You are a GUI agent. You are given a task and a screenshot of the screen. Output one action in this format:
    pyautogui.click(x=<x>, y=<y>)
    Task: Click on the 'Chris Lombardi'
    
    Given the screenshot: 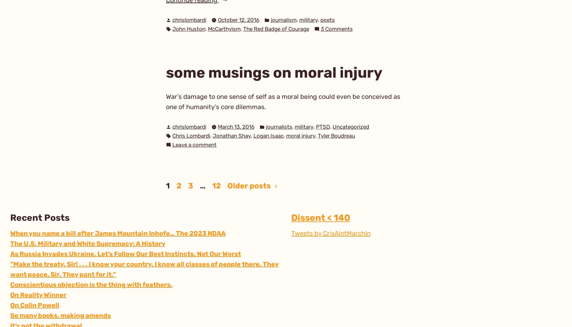 What is the action you would take?
    pyautogui.click(x=191, y=135)
    